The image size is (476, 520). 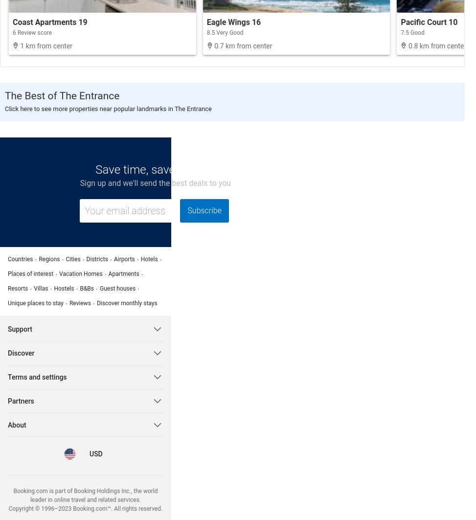 I want to click on 'Sign up and we'll send the best deals to you', so click(x=155, y=183).